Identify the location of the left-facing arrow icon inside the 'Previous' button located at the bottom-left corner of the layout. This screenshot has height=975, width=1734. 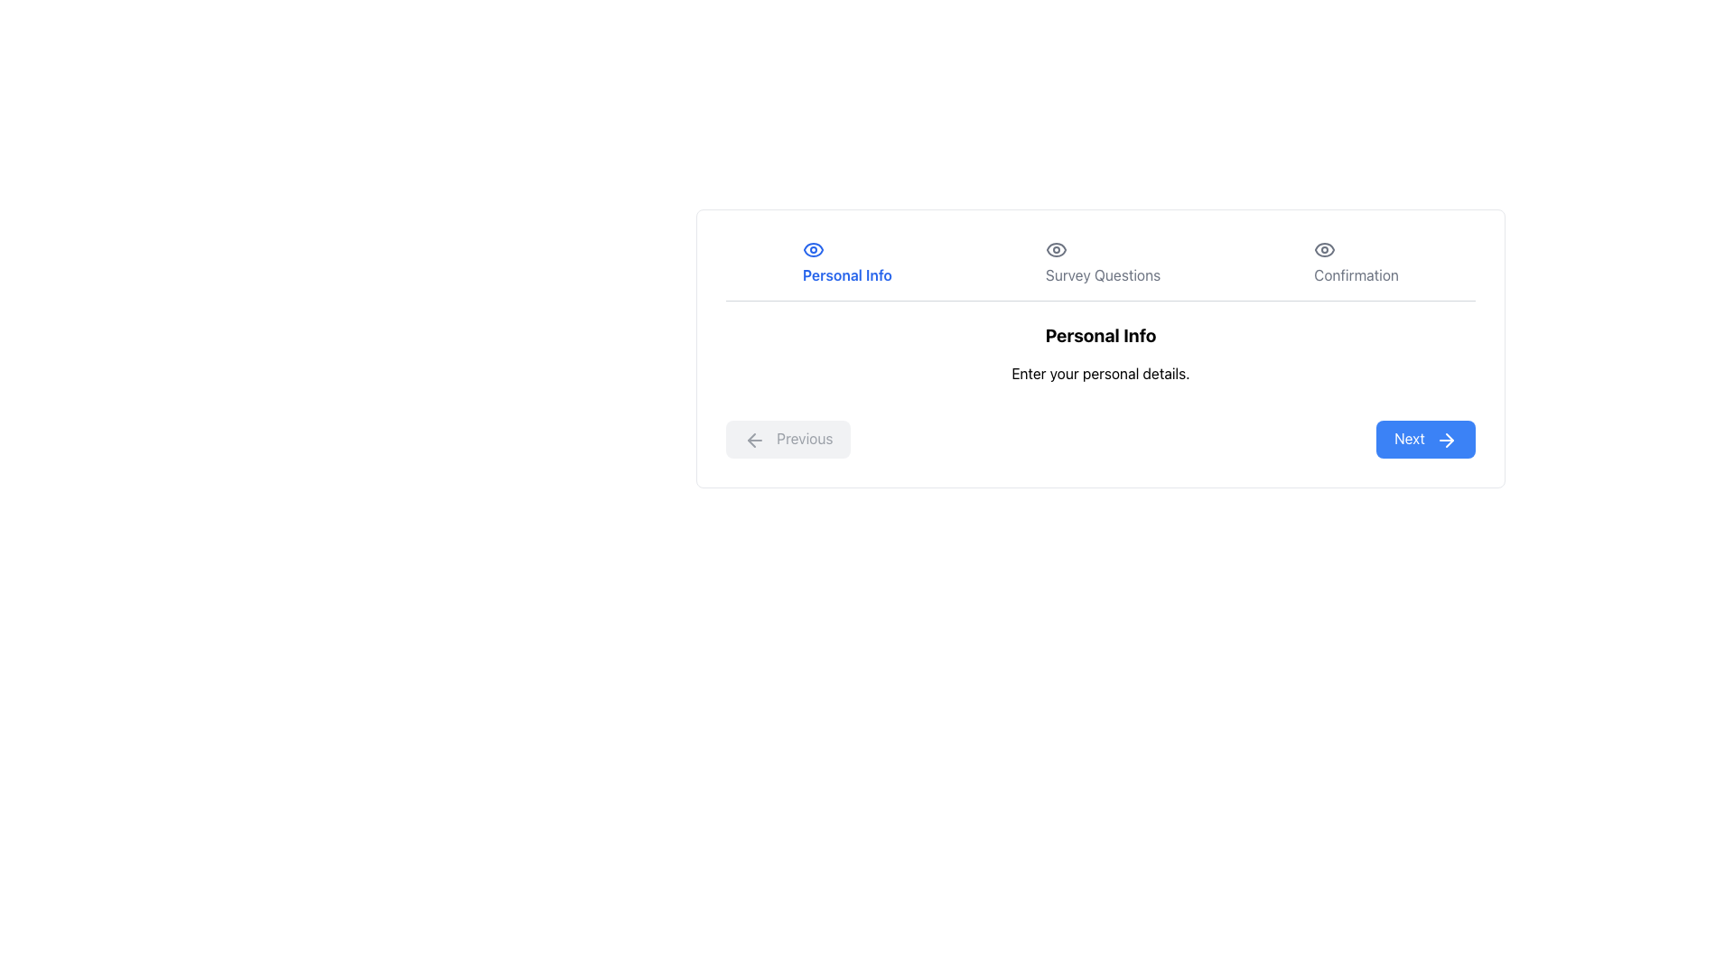
(751, 440).